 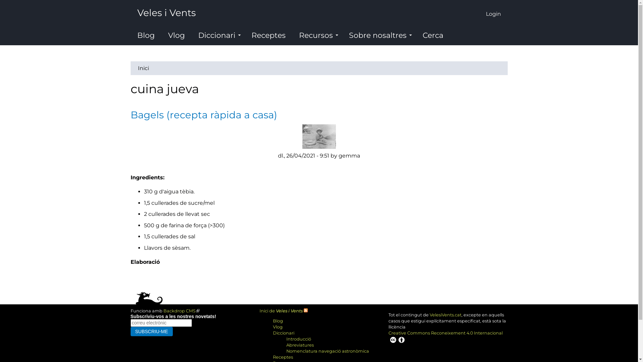 I want to click on 'imatge de gemma', so click(x=318, y=136).